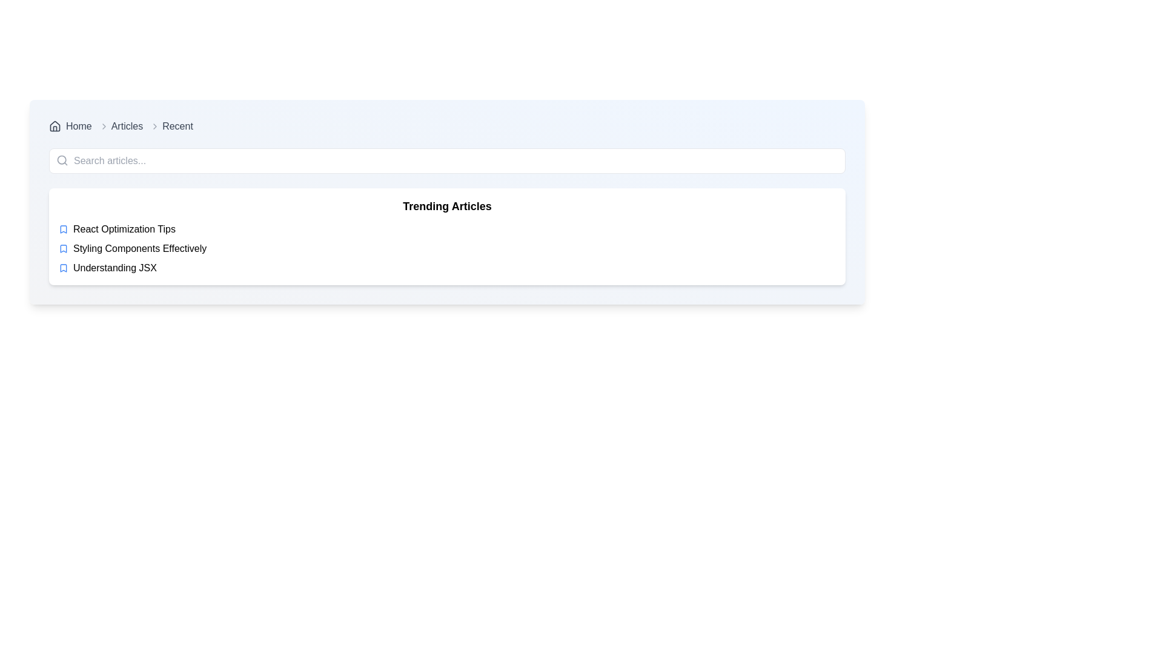  What do you see at coordinates (170, 126) in the screenshot?
I see `the Breadcrumb link, which is the final link in the breadcrumb navigation trail, to interact with the associated 'Recent' section` at bounding box center [170, 126].